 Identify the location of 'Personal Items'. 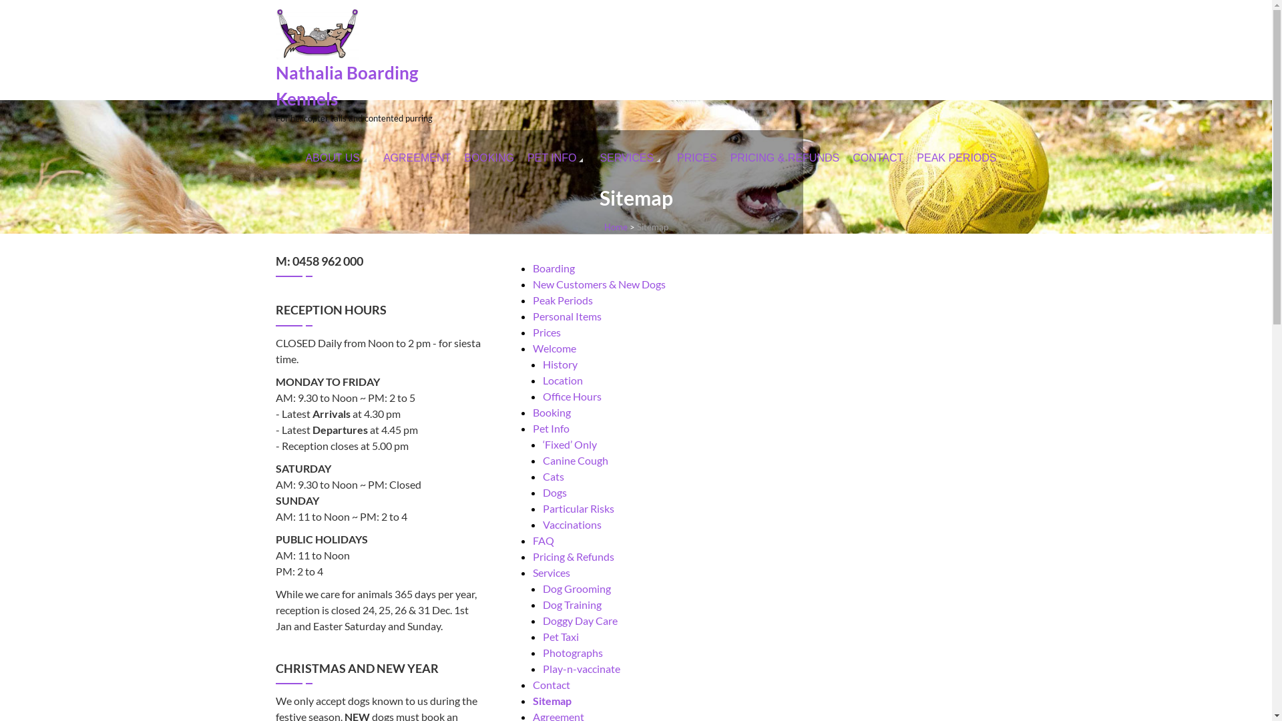
(567, 316).